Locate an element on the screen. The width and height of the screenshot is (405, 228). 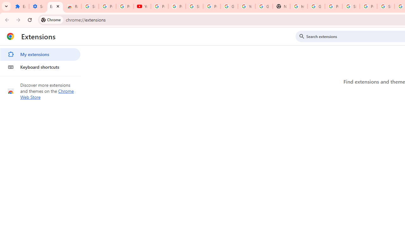
'New Tab' is located at coordinates (281, 6).